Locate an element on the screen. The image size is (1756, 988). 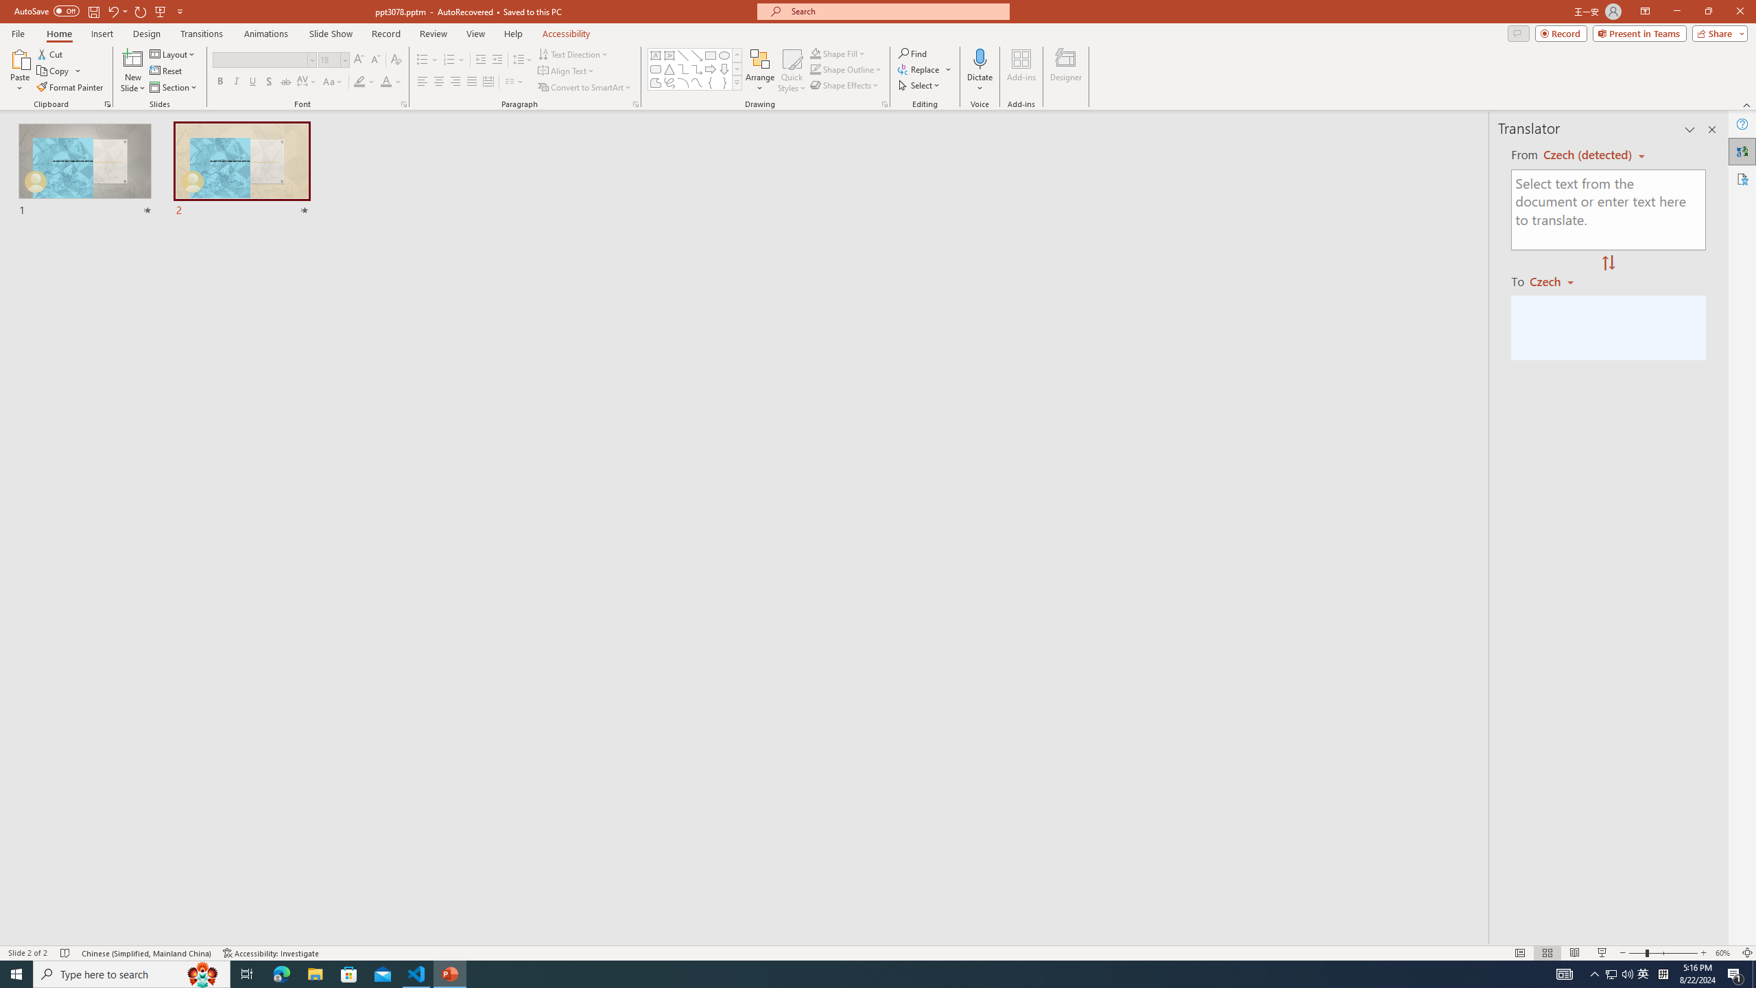
'Swap "from" and "to" languages.' is located at coordinates (1607, 263).